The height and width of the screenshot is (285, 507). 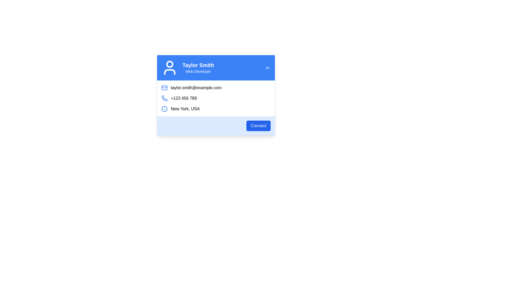 What do you see at coordinates (170, 68) in the screenshot?
I see `the user profile icon located at the leftmost position in the header of the card component displaying 'Taylor Smith' and 'Web Developer'` at bounding box center [170, 68].